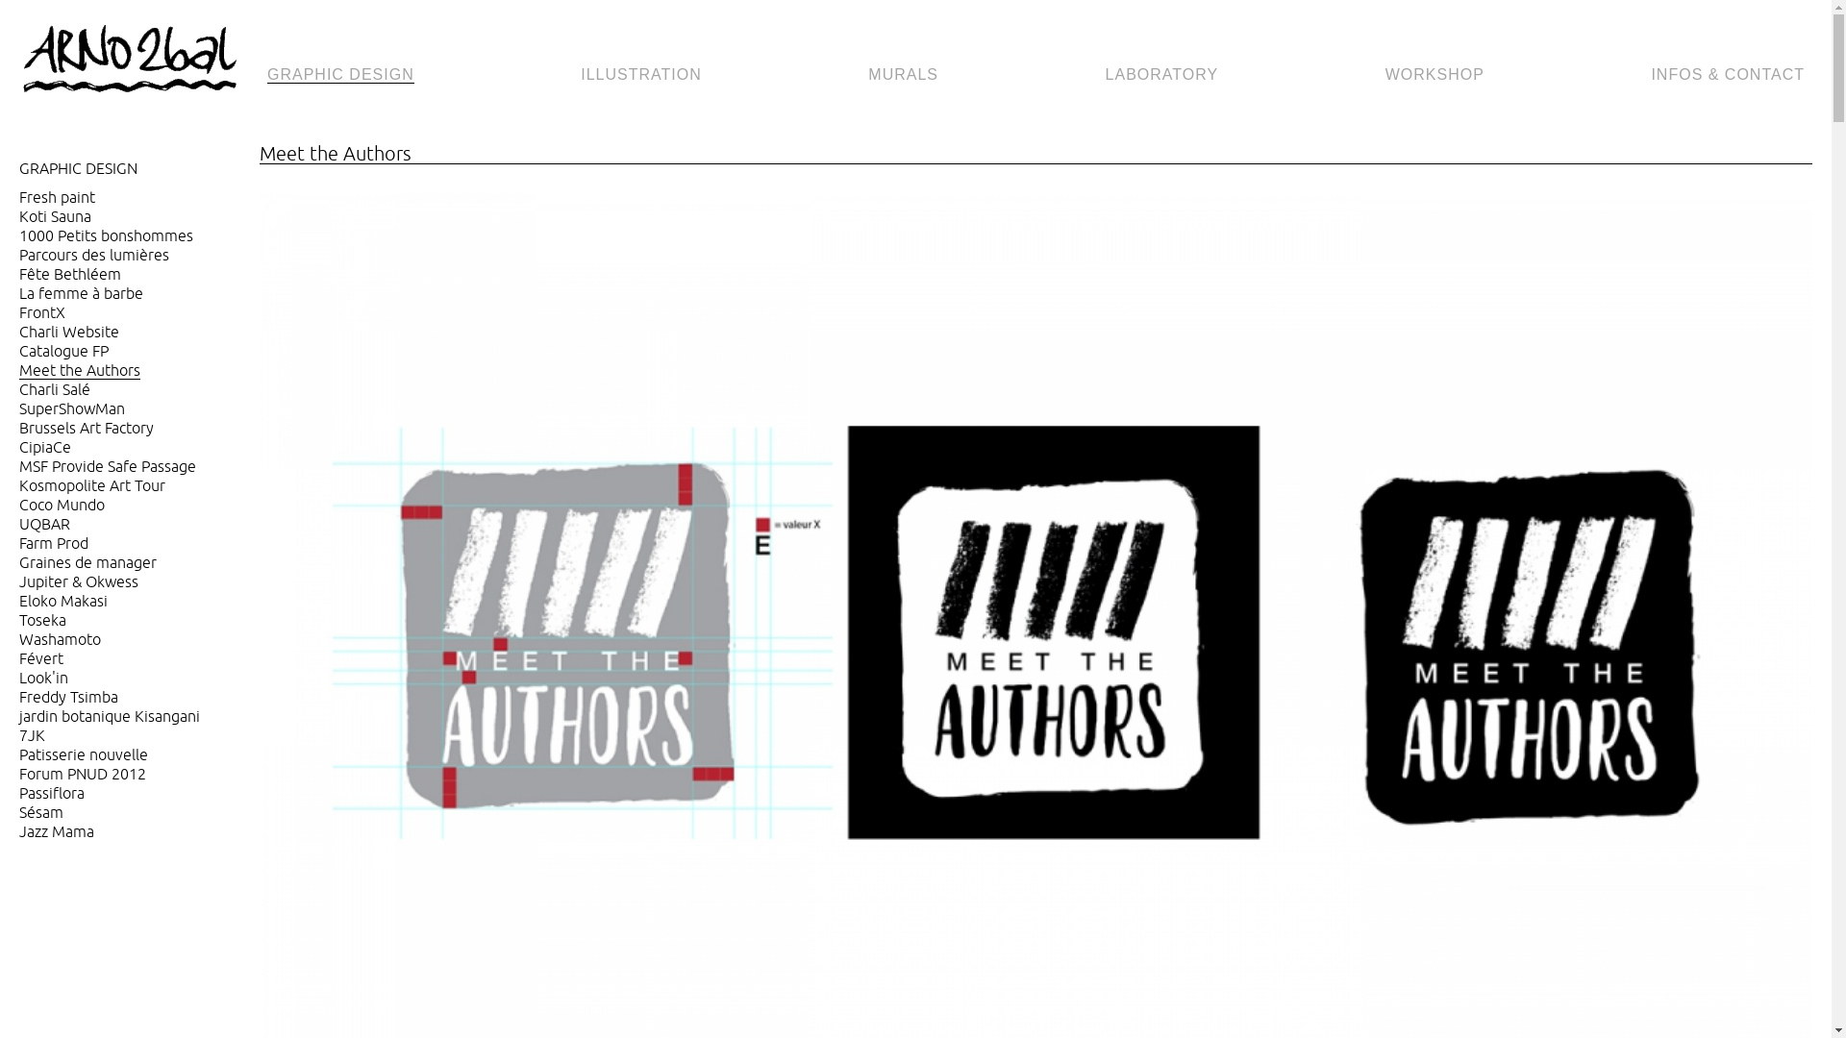 This screenshot has height=1038, width=1846. I want to click on 'WORKSHOP', so click(1434, 74).